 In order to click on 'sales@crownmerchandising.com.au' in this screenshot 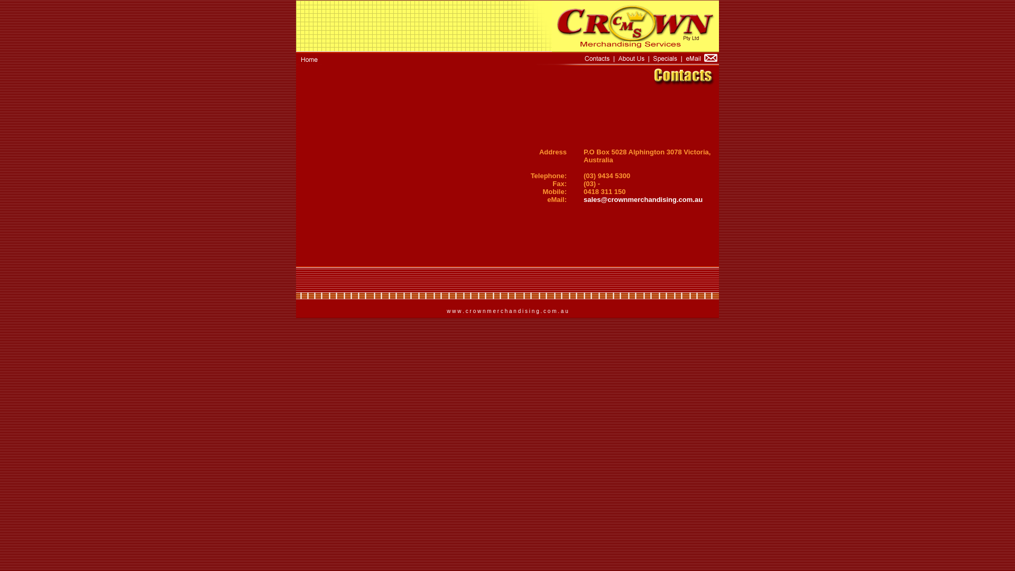, I will do `click(583, 199)`.